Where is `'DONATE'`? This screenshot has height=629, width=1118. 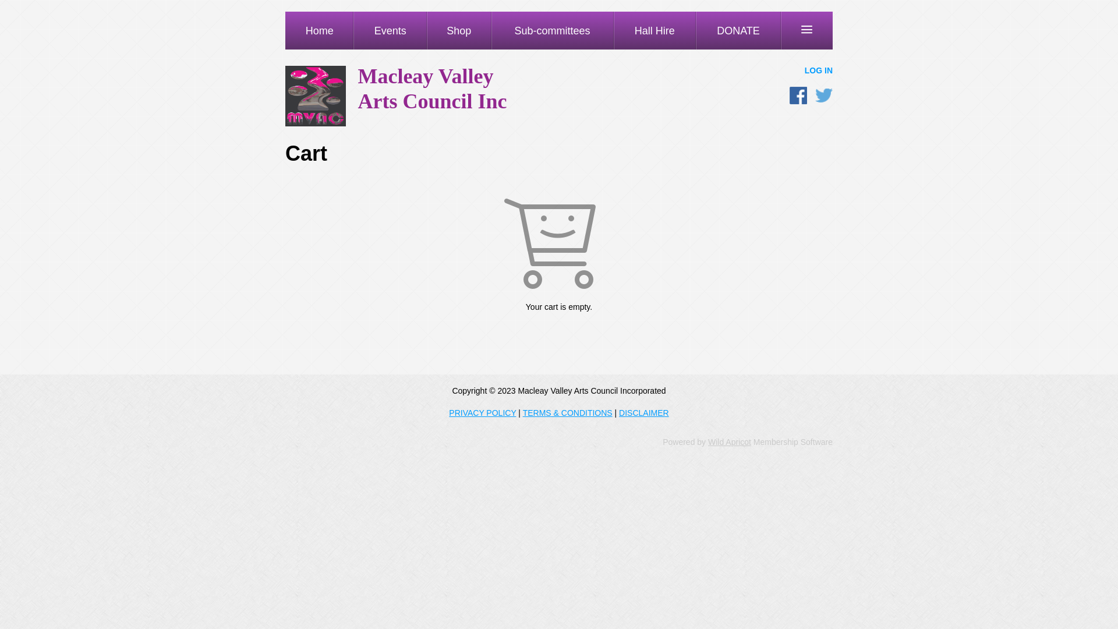 'DONATE' is located at coordinates (737, 30).